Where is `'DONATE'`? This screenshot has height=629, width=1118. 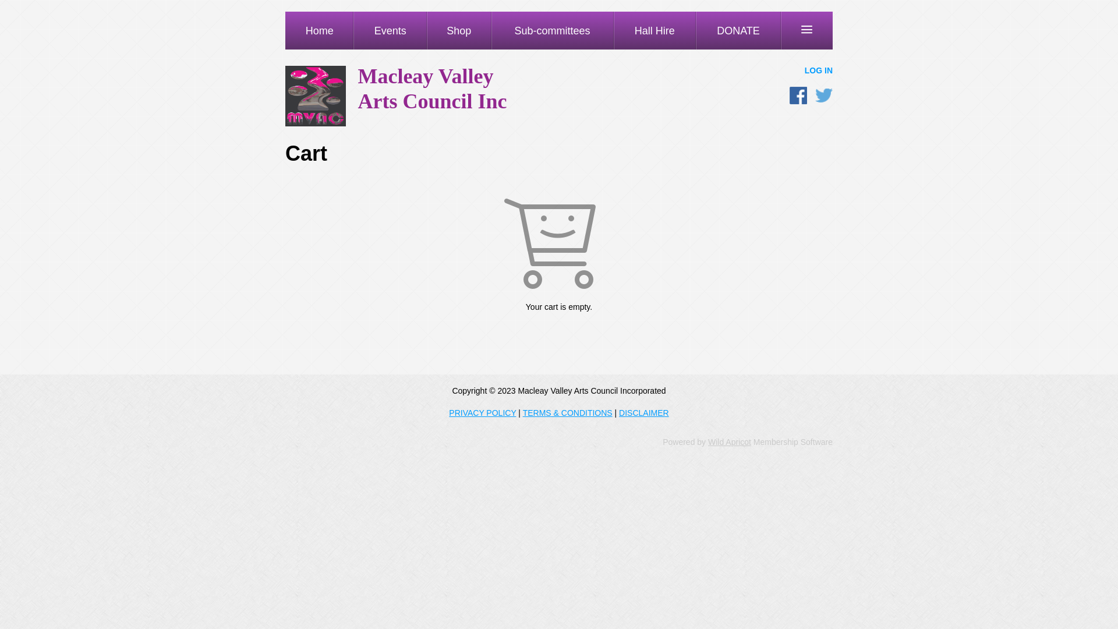 'DONATE' is located at coordinates (737, 30).